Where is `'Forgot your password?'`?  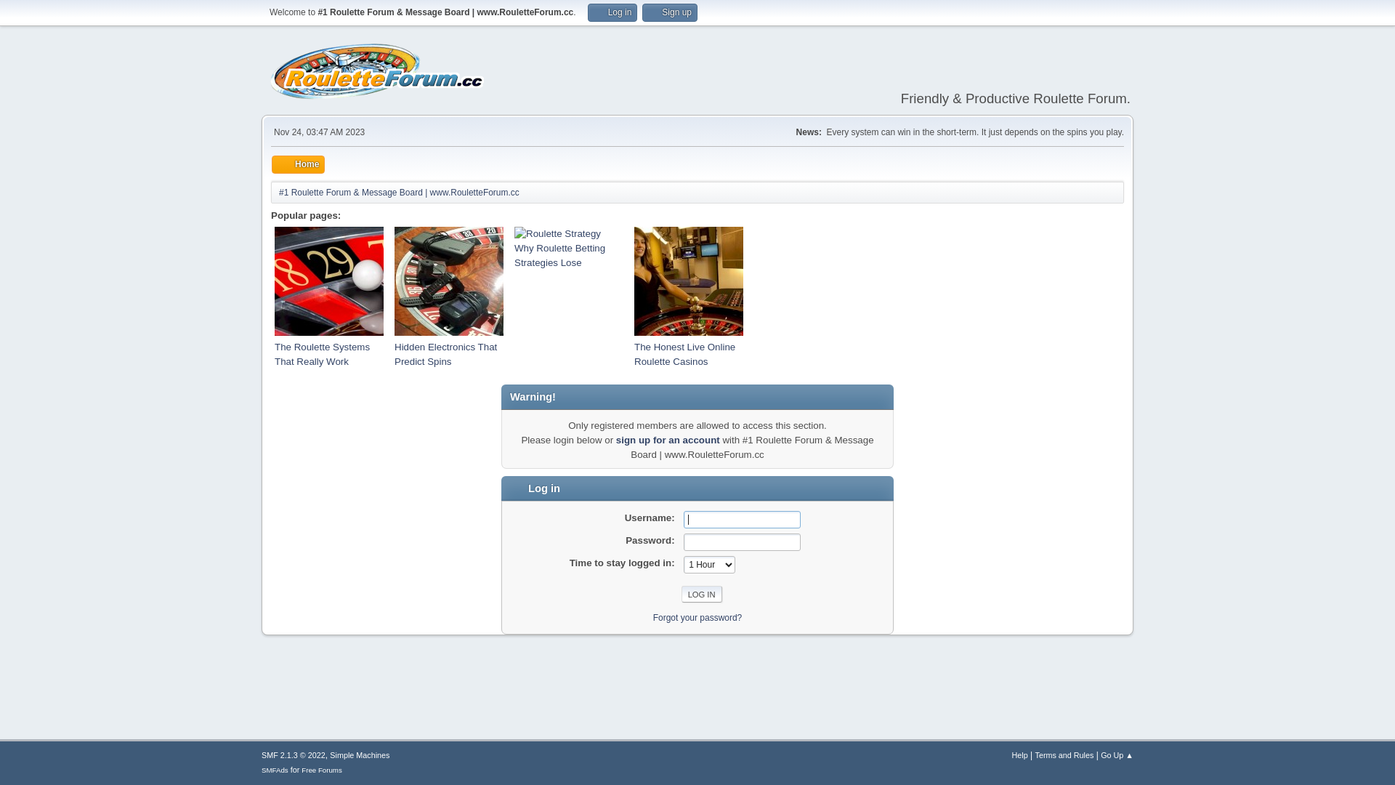
'Forgot your password?' is located at coordinates (697, 616).